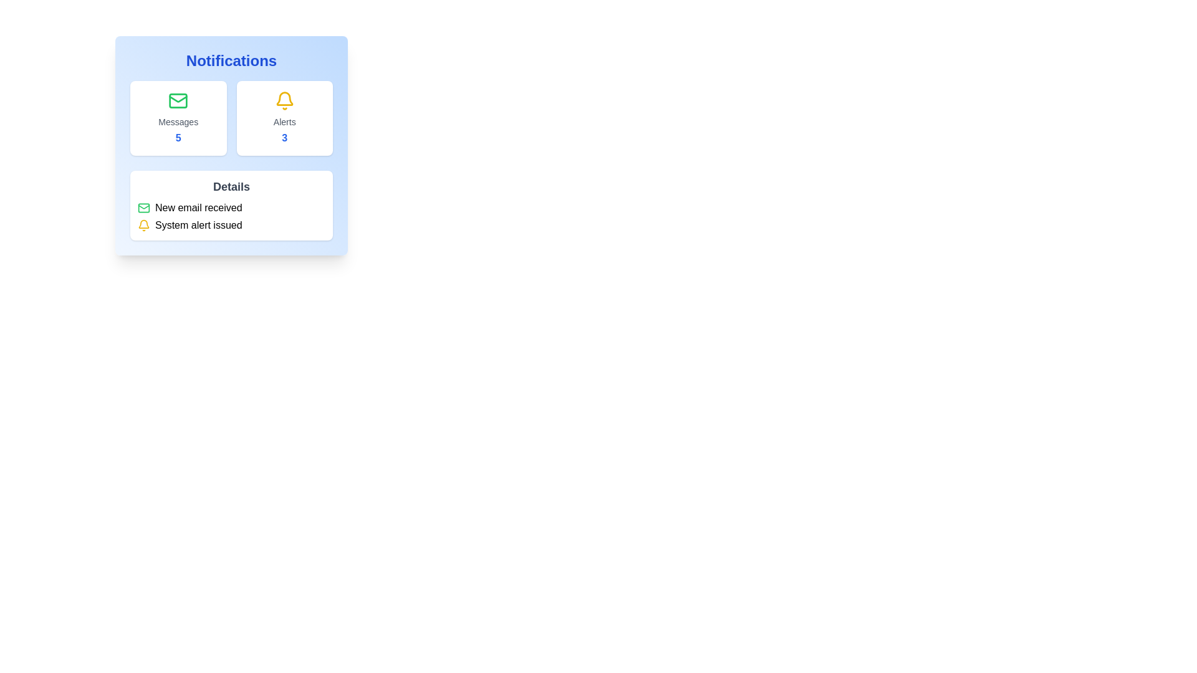 The height and width of the screenshot is (673, 1197). I want to click on the yellow bell-shaped icon located to the left of the text 'System alert issued' in the 'System alert issued' section, so click(143, 226).